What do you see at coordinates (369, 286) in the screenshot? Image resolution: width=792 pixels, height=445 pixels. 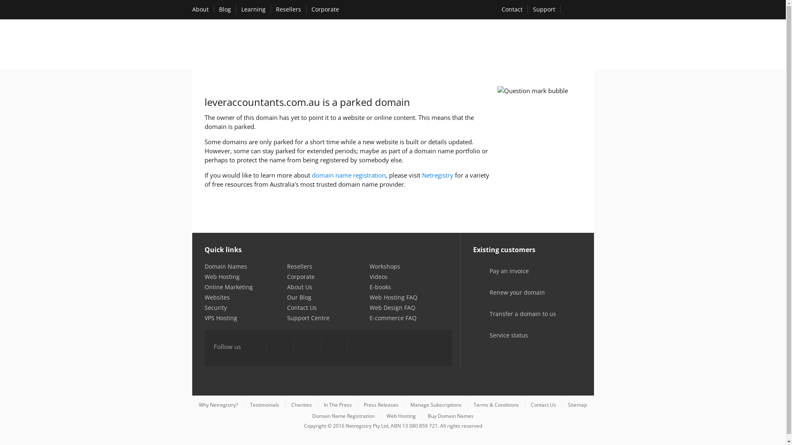 I see `'E-books'` at bounding box center [369, 286].